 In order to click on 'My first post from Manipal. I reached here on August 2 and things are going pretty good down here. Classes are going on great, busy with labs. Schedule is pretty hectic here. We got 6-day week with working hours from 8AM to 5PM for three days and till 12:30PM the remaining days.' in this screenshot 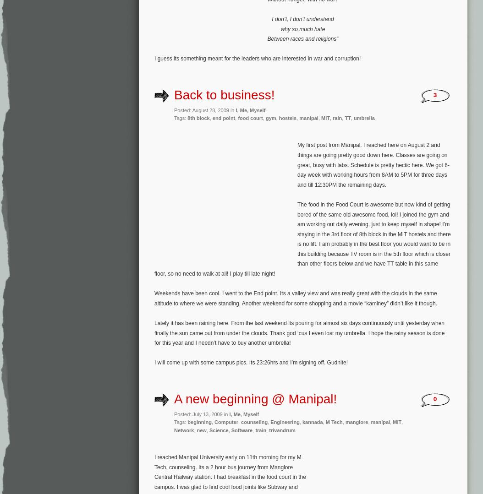, I will do `click(373, 164)`.